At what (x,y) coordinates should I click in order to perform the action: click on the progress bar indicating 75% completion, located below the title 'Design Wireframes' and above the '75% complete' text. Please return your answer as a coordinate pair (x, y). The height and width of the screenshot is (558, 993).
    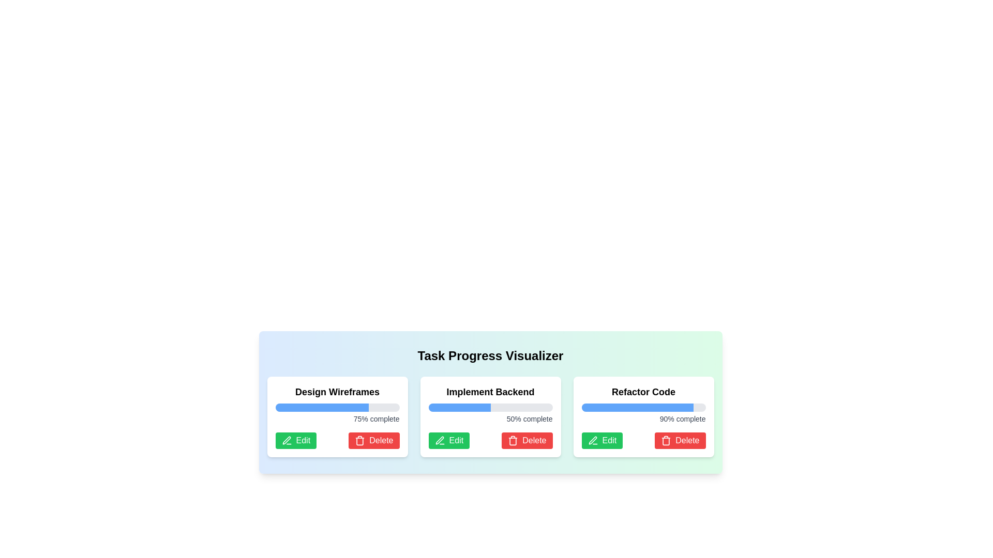
    Looking at the image, I should click on (337, 407).